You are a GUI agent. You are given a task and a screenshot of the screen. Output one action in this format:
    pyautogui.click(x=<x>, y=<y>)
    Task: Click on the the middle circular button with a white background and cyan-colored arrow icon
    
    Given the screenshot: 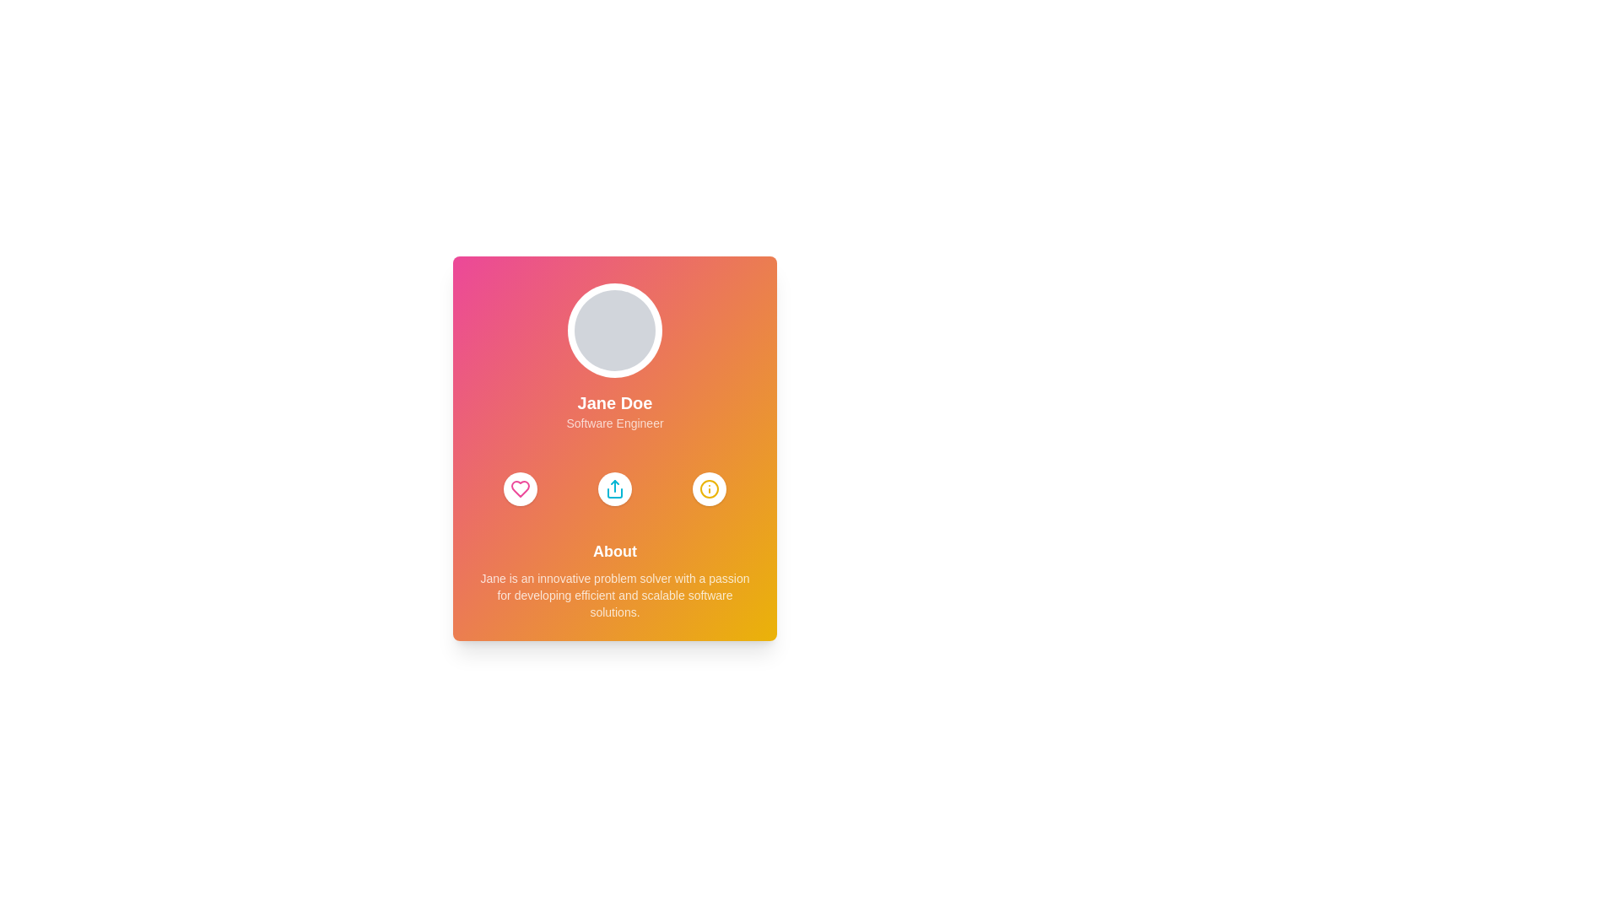 What is the action you would take?
    pyautogui.click(x=614, y=488)
    